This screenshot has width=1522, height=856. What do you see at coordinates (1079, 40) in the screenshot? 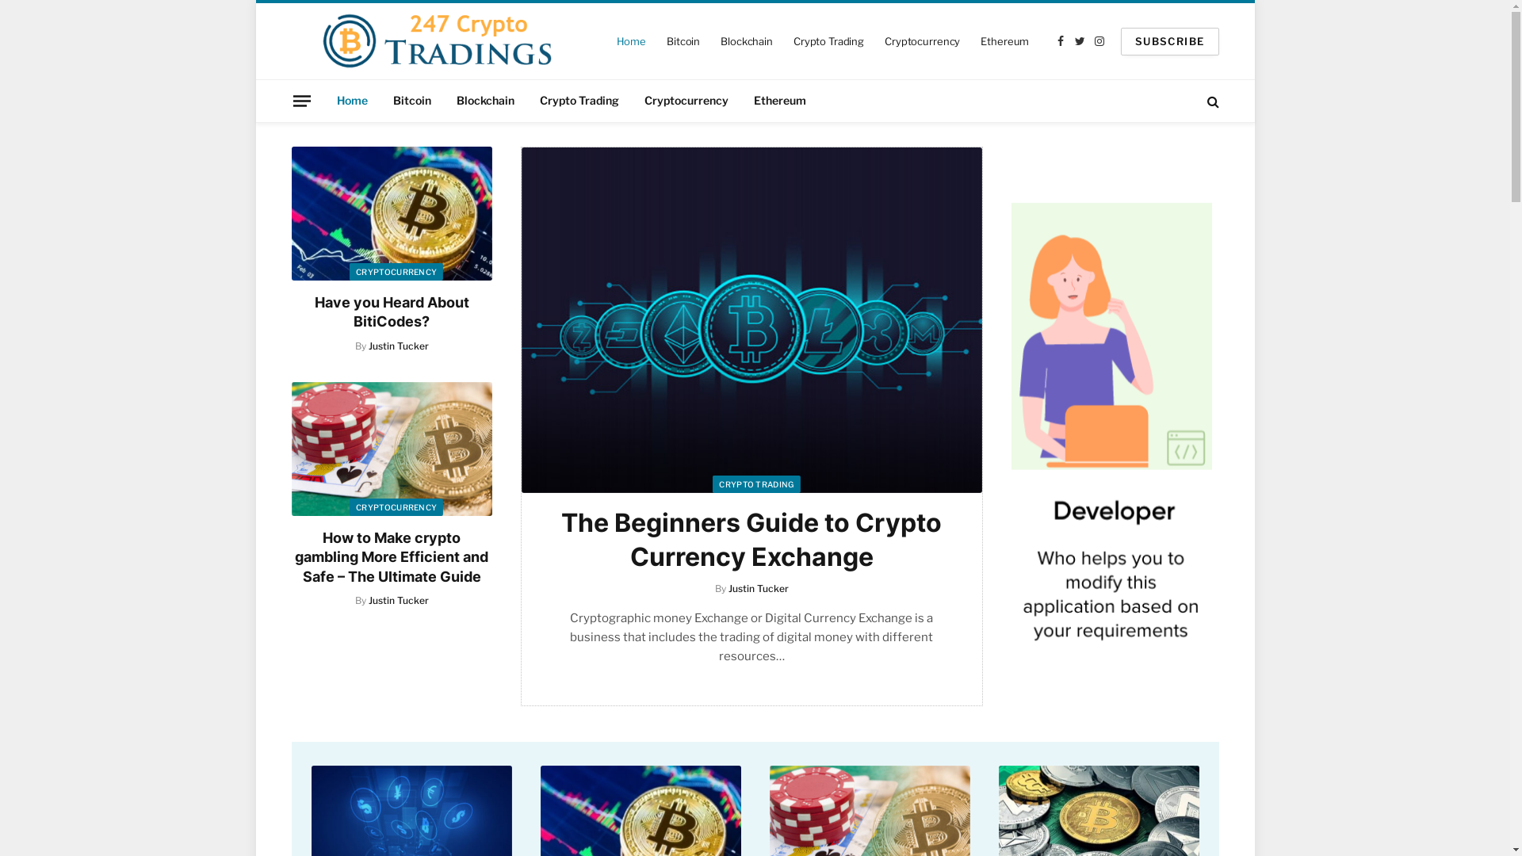
I see `'Twitter'` at bounding box center [1079, 40].